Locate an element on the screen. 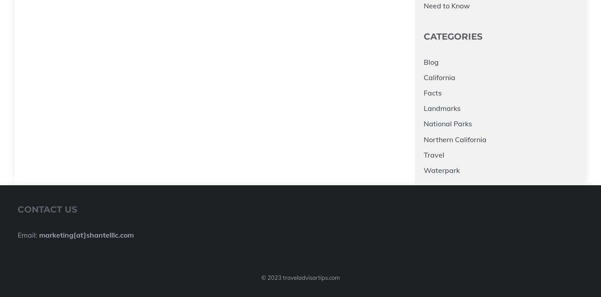 The height and width of the screenshot is (297, 601). 'Northern California' is located at coordinates (424, 138).